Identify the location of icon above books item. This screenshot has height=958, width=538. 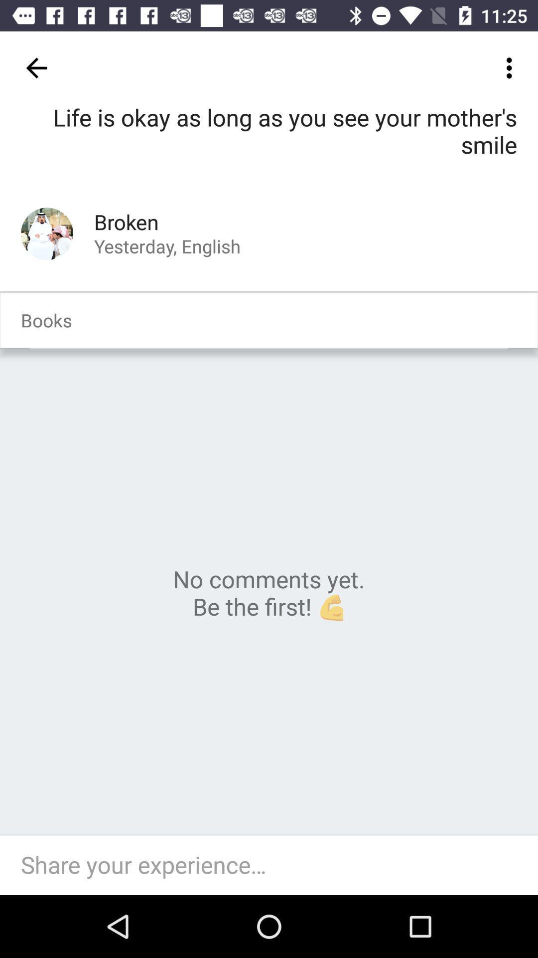
(47, 233).